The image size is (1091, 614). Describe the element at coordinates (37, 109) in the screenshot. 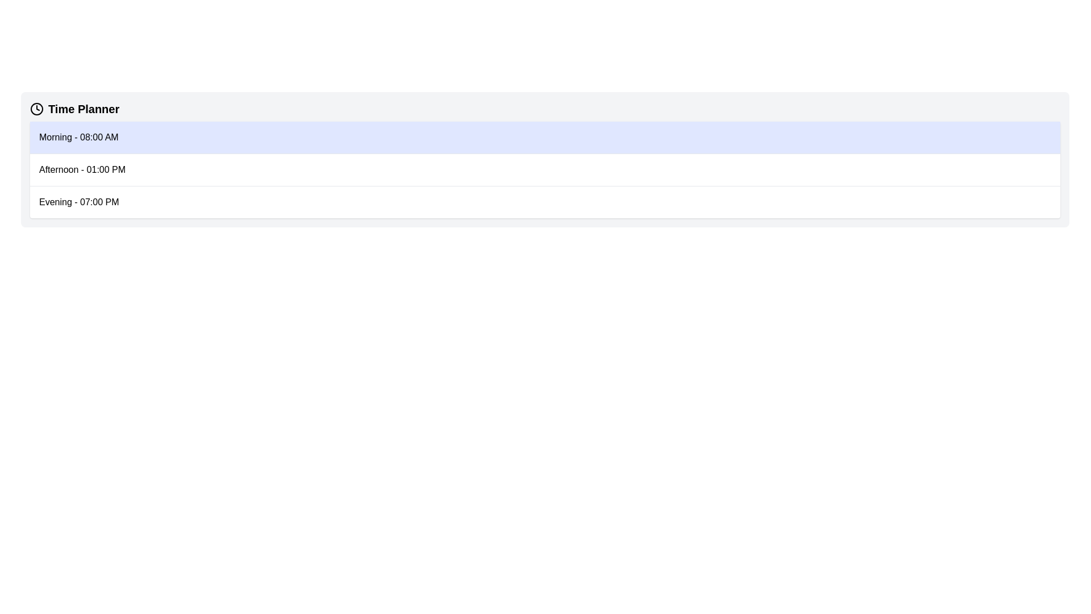

I see `the small clock icon with a black outline that is positioned to the left of the 'Time Planner' text` at that location.